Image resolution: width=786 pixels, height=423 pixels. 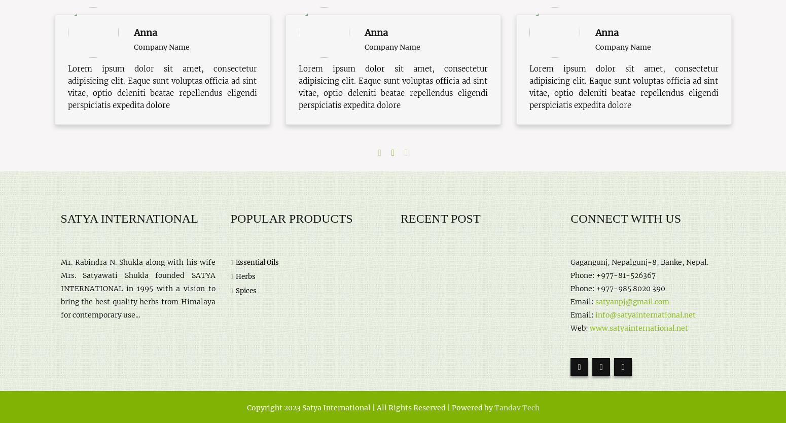 What do you see at coordinates (256, 261) in the screenshot?
I see `'Essential Oils'` at bounding box center [256, 261].